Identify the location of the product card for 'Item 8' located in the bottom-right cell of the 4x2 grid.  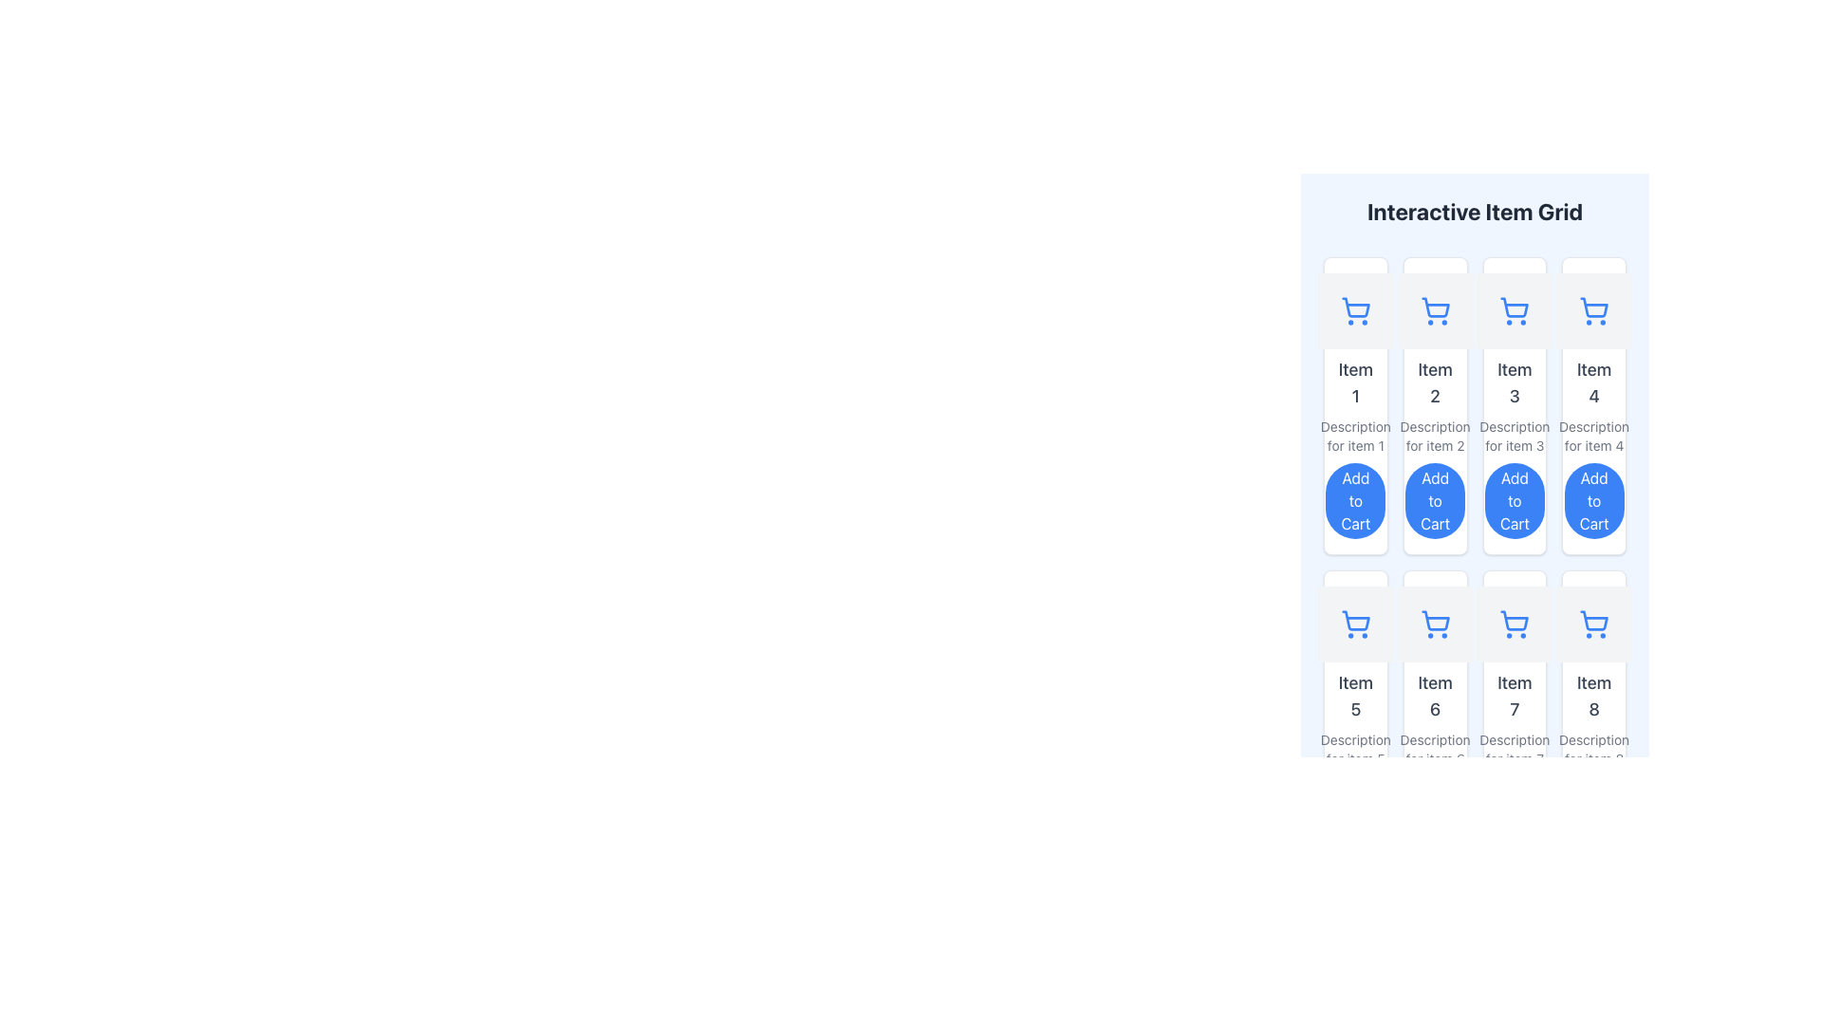
(1594, 719).